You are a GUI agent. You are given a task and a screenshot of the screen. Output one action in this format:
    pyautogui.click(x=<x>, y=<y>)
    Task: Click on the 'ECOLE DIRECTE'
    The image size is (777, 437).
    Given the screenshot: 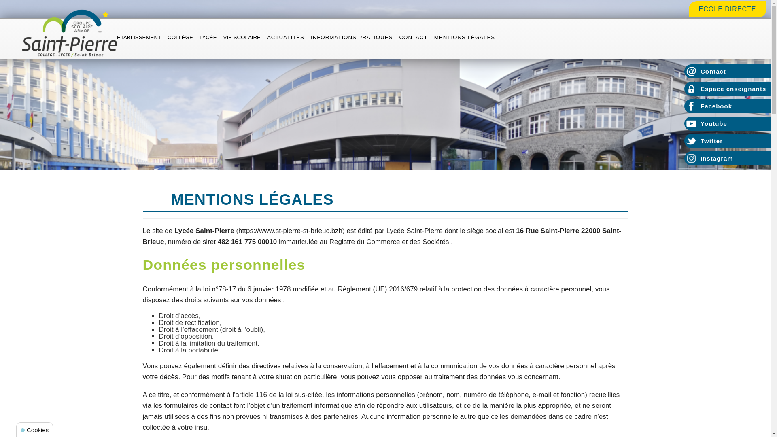 What is the action you would take?
    pyautogui.click(x=728, y=9)
    